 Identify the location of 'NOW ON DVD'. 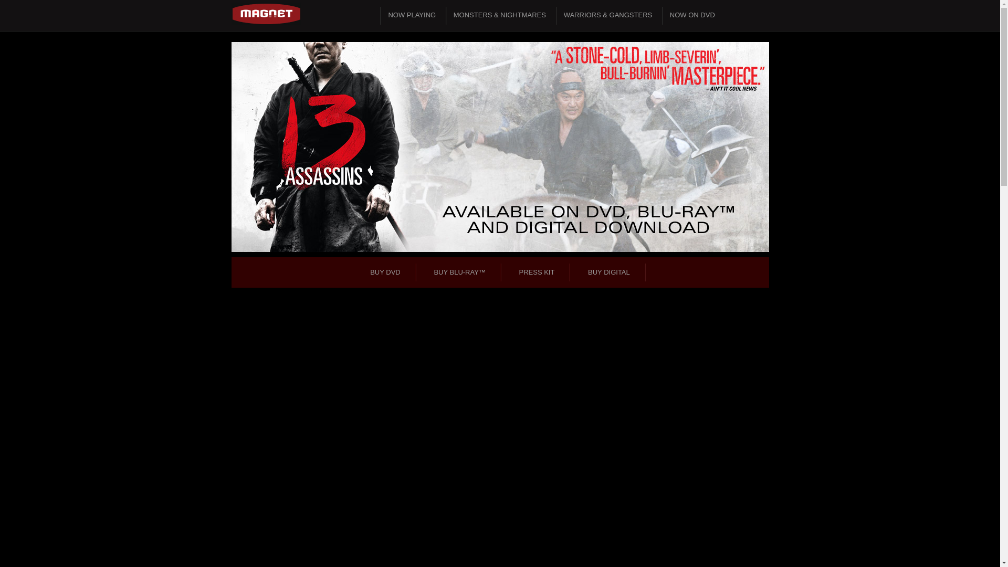
(692, 15).